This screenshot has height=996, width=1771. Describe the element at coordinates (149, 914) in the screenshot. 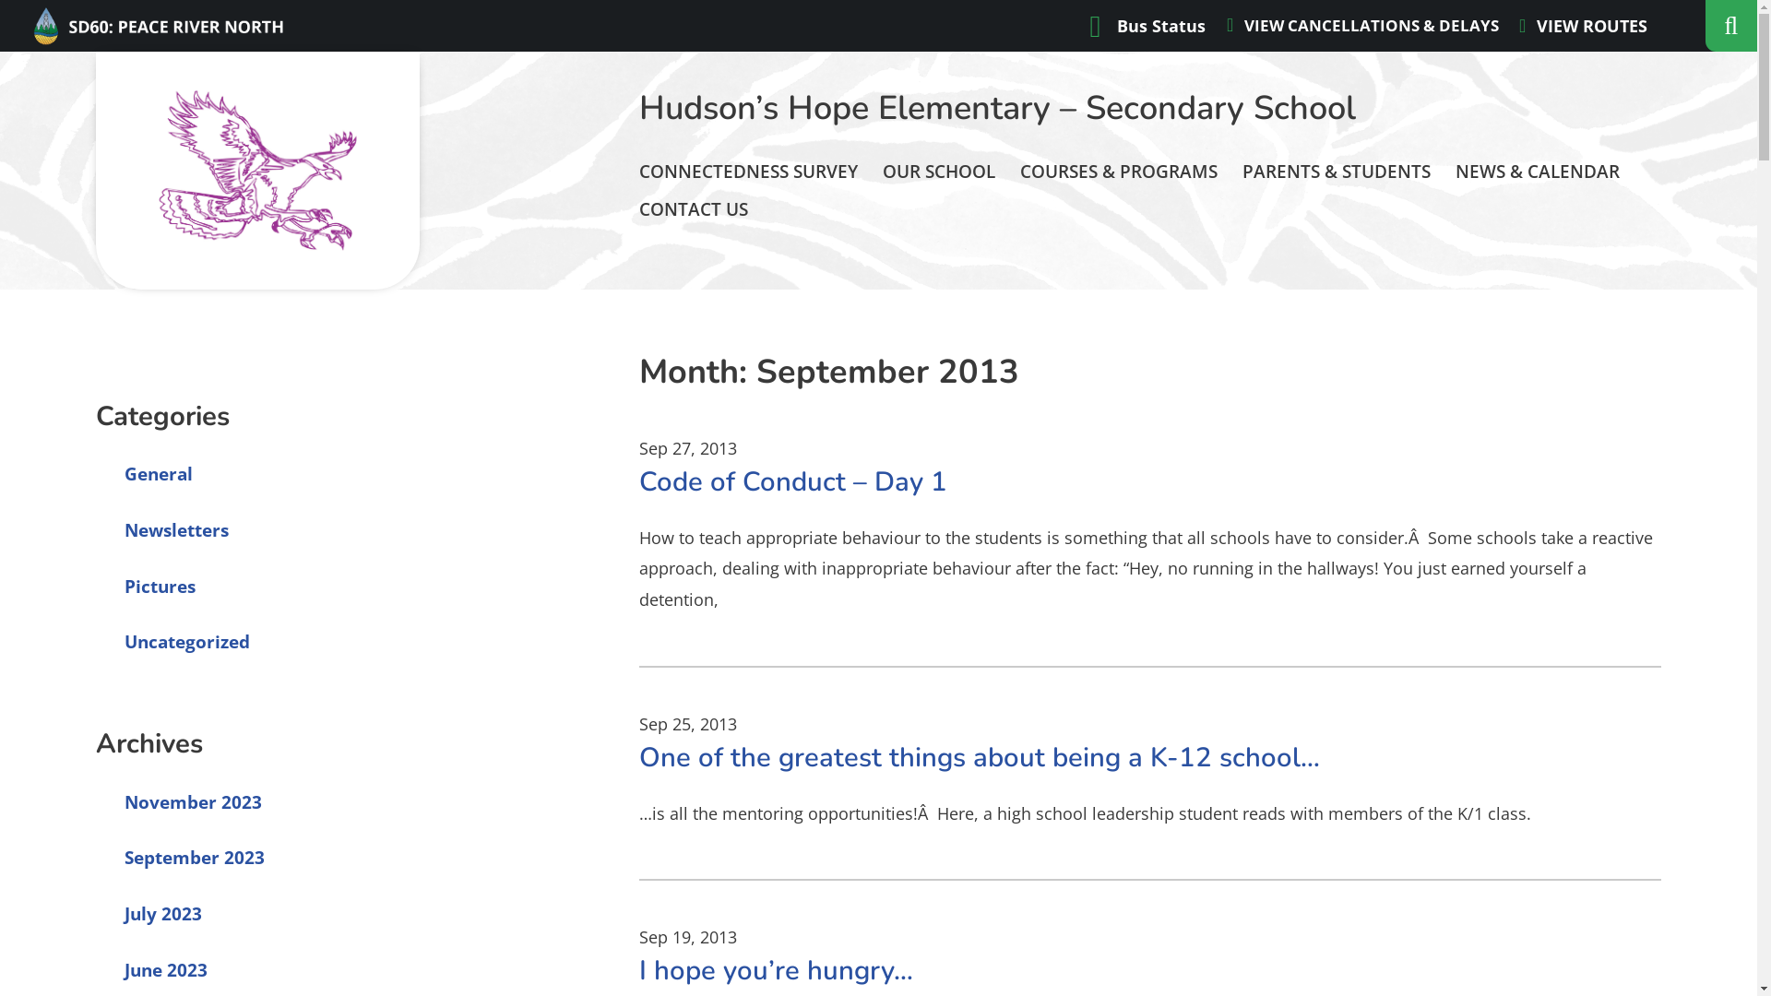

I see `'July 2023'` at that location.